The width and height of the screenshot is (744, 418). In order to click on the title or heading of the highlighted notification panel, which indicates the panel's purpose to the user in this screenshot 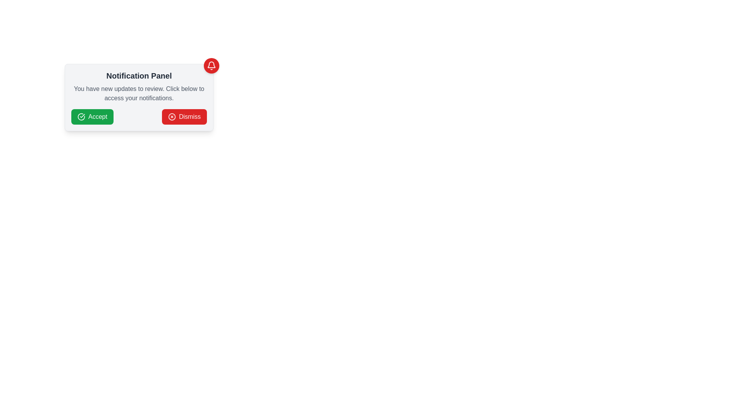, I will do `click(139, 76)`.